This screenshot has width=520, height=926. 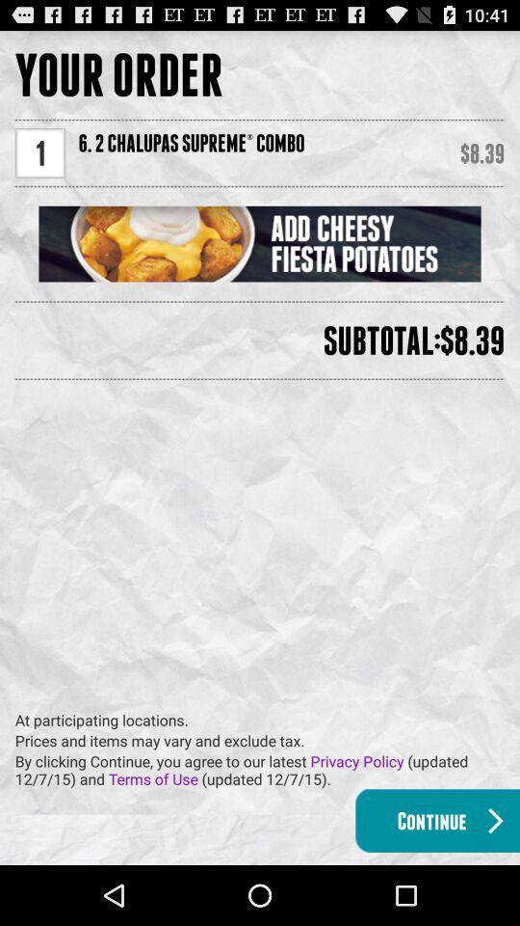 What do you see at coordinates (266, 770) in the screenshot?
I see `by clicking continue icon` at bounding box center [266, 770].